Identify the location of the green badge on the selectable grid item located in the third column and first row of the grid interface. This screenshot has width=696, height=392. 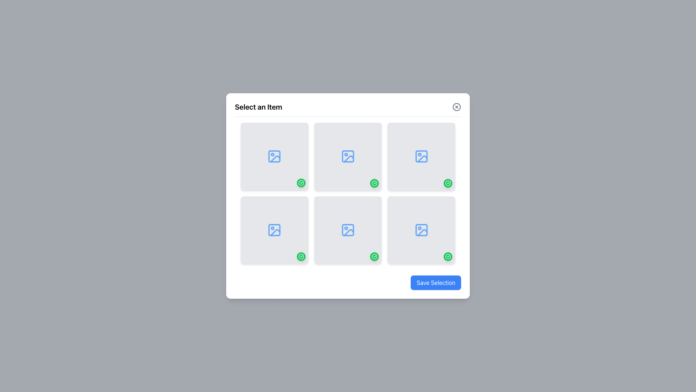
(421, 156).